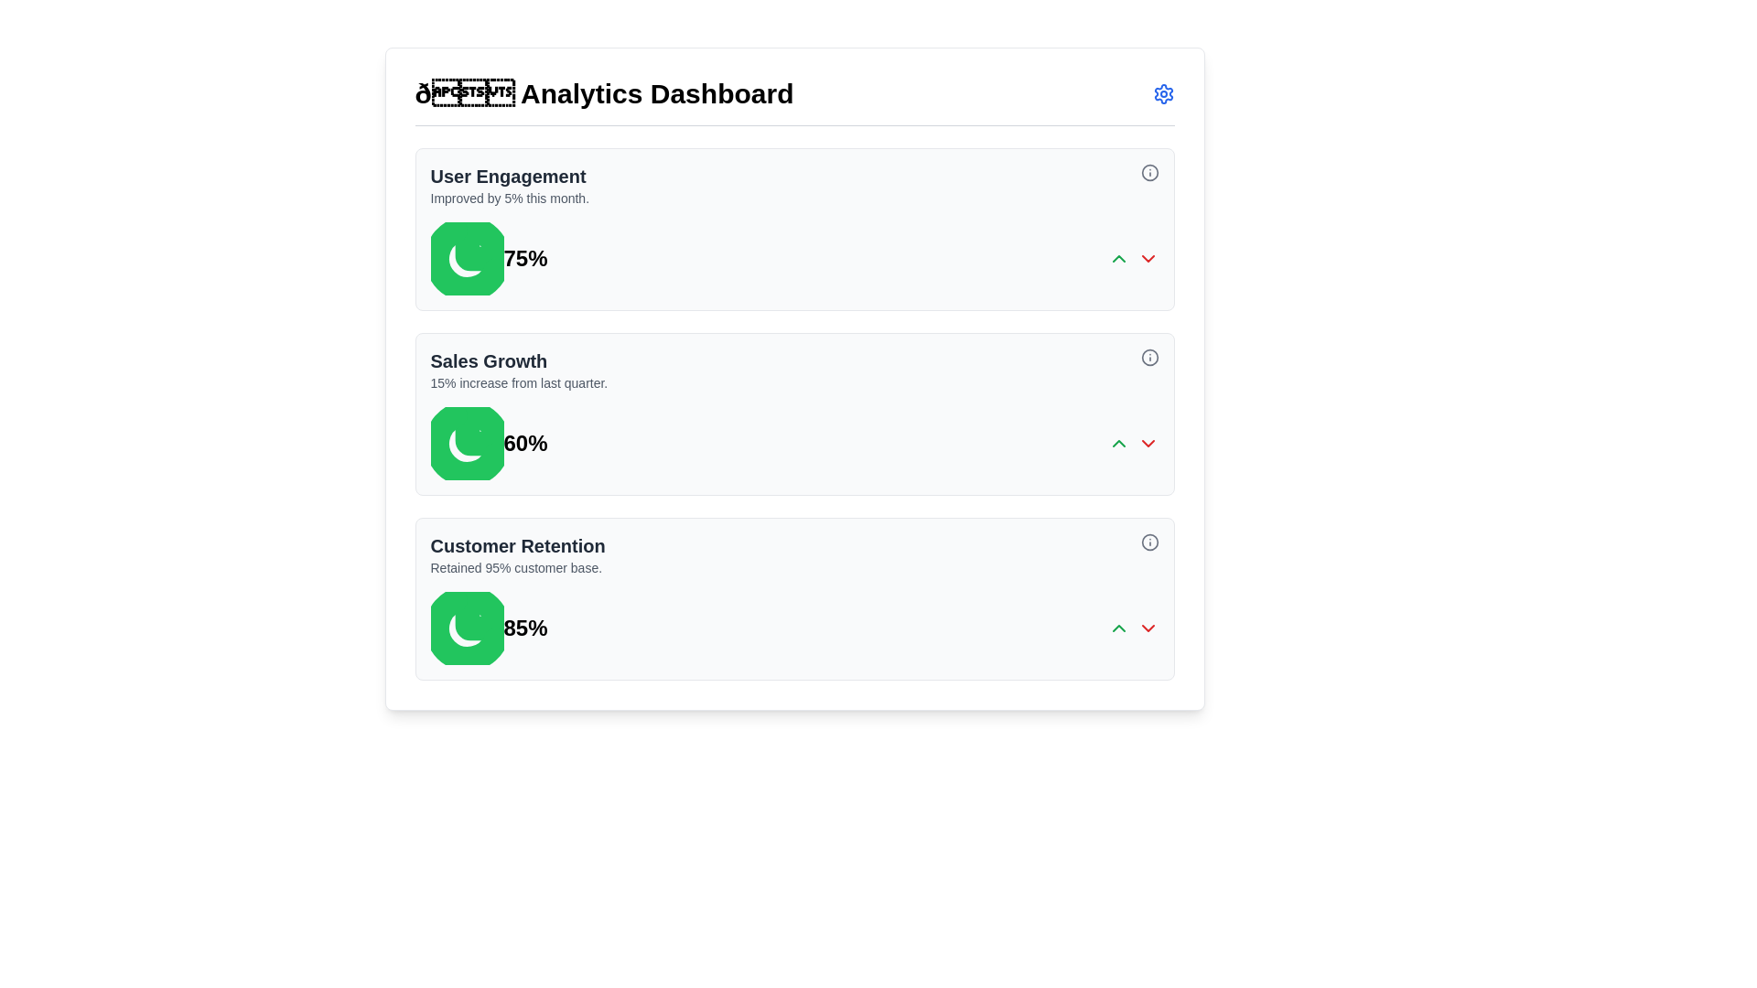  Describe the element at coordinates (1117, 444) in the screenshot. I see `the small green upward-pointing chevron icon located to the right of the 'Sales Growth' component with '60%' displayed next to it` at that location.